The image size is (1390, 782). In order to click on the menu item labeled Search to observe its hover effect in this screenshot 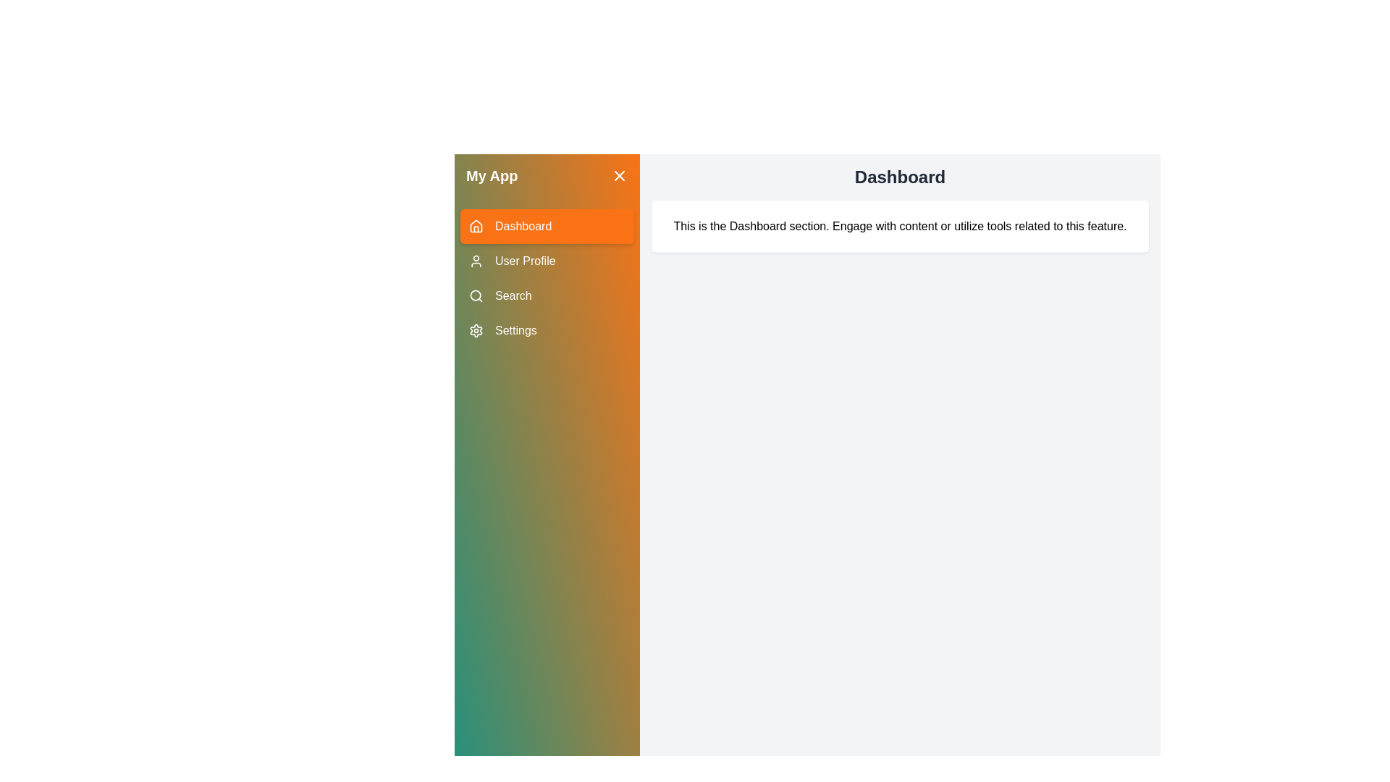, I will do `click(546, 295)`.